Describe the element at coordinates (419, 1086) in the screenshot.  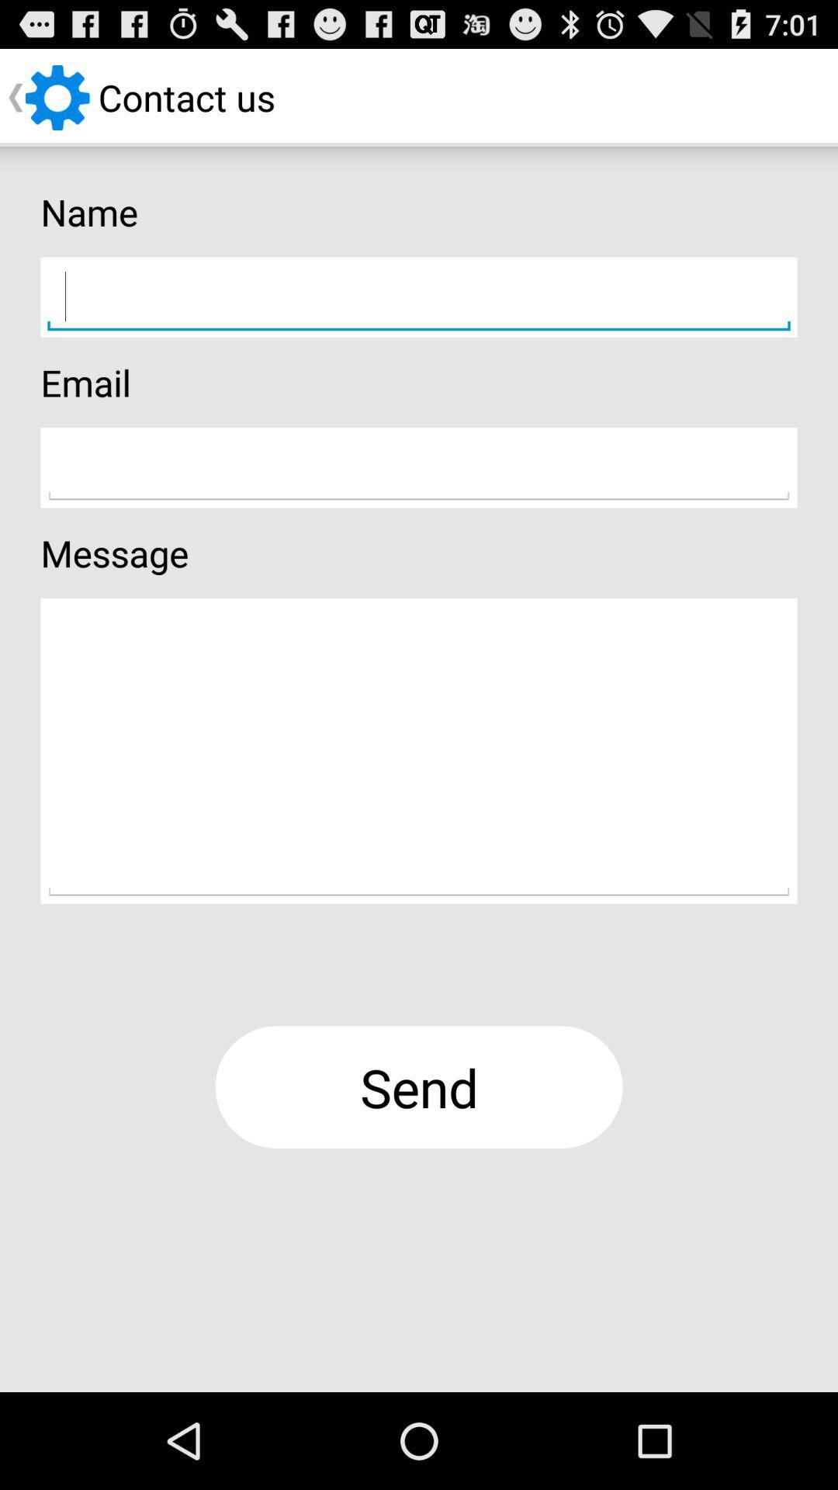
I see `button at the bottom` at that location.